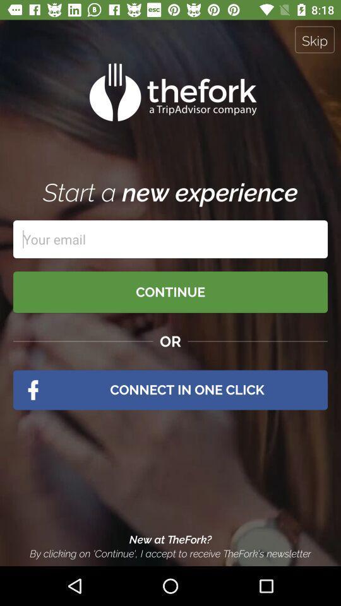 The height and width of the screenshot is (606, 341). Describe the element at coordinates (170, 239) in the screenshot. I see `email` at that location.